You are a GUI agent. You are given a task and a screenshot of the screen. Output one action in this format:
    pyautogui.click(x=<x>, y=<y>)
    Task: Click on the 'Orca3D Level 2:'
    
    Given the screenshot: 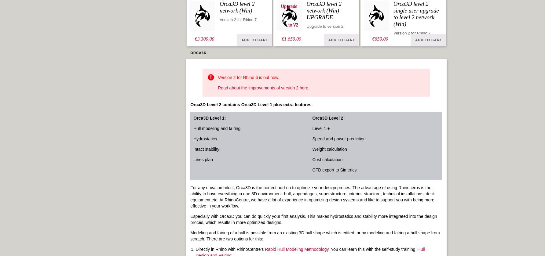 What is the action you would take?
    pyautogui.click(x=328, y=118)
    